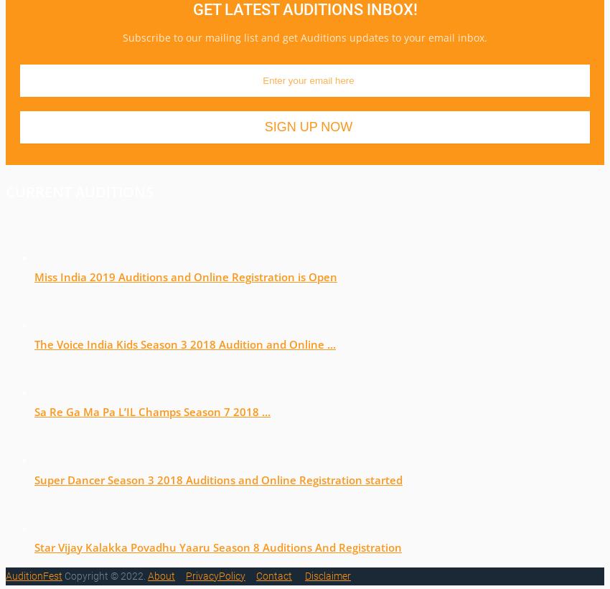  I want to click on 'The Voice India Kids Season 3 2018 Audition and Online …', so click(34, 344).